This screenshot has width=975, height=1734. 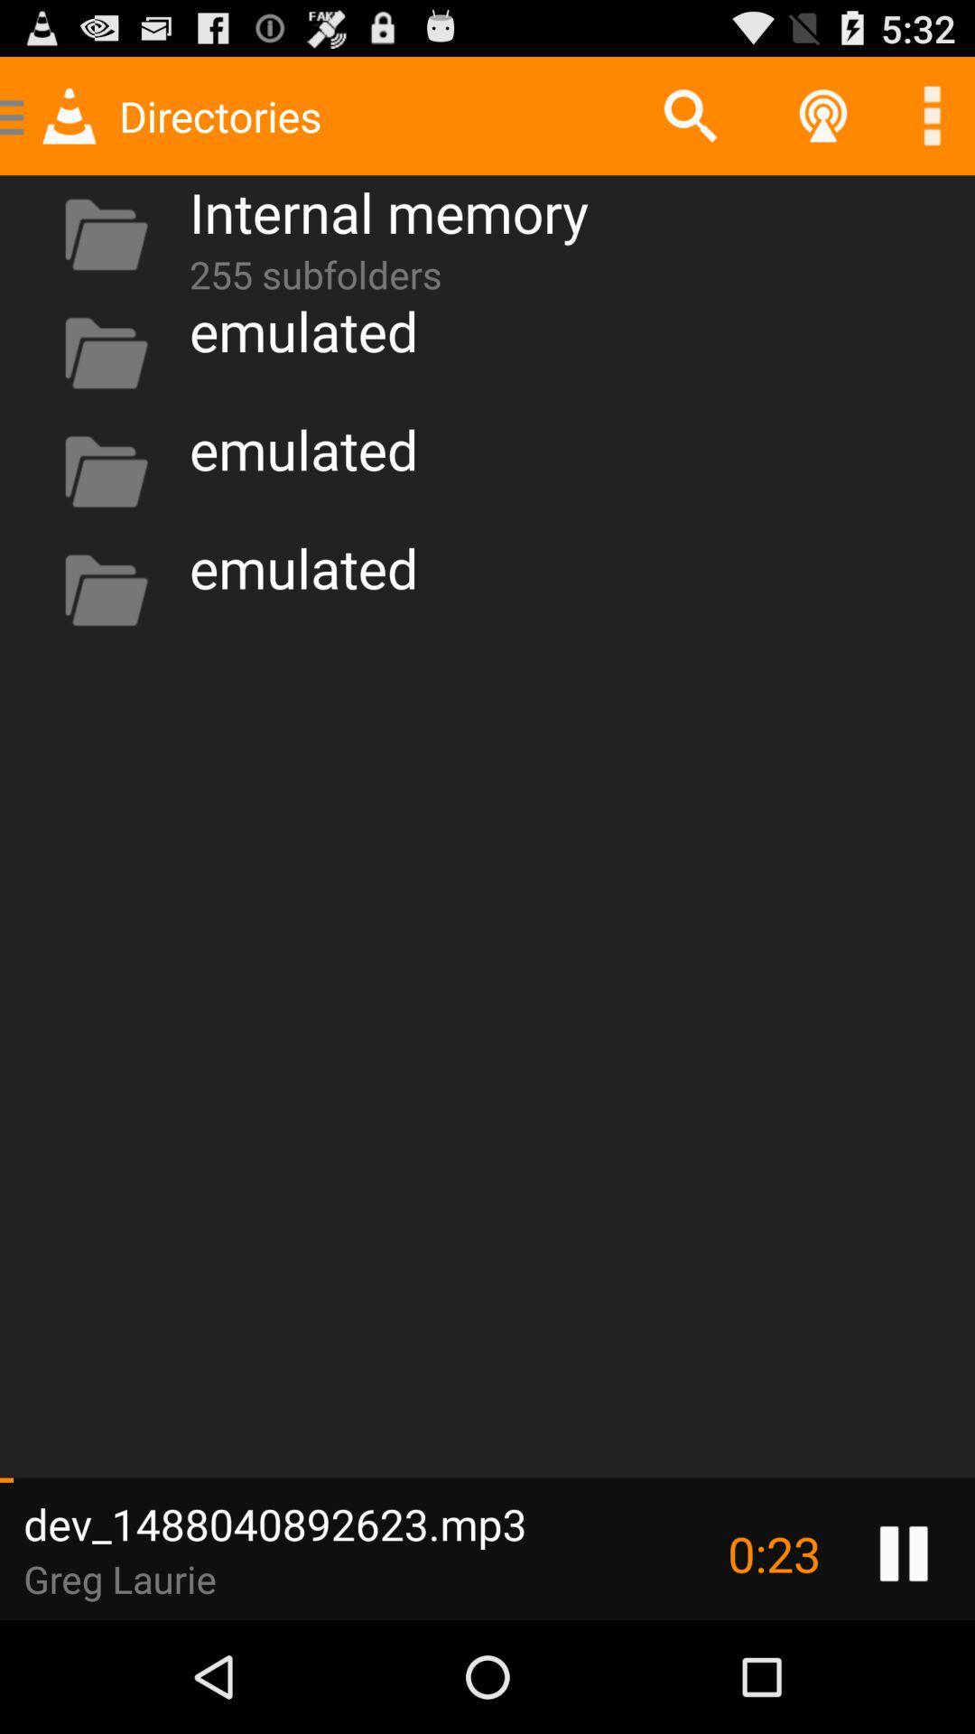 What do you see at coordinates (932, 115) in the screenshot?
I see `open menu` at bounding box center [932, 115].